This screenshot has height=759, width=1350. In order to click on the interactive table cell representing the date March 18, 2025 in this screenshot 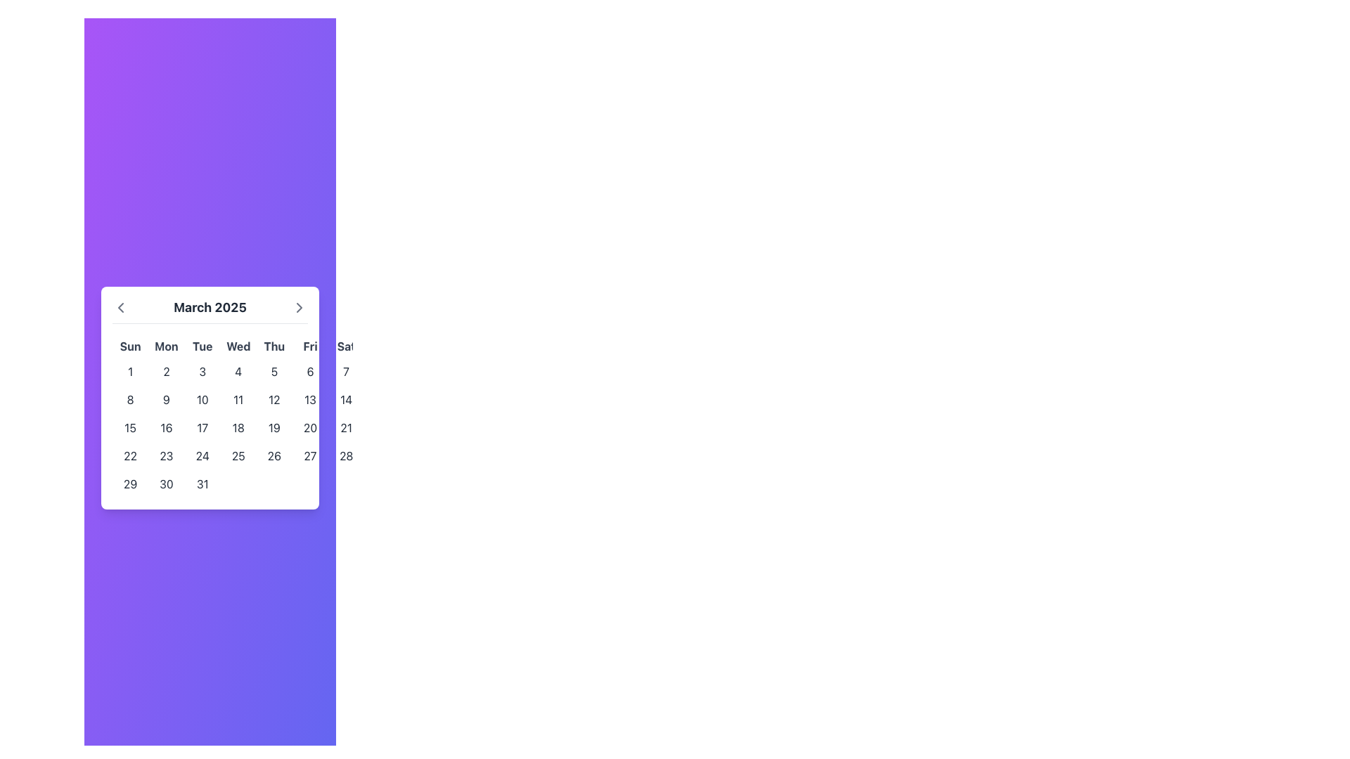, I will do `click(238, 427)`.